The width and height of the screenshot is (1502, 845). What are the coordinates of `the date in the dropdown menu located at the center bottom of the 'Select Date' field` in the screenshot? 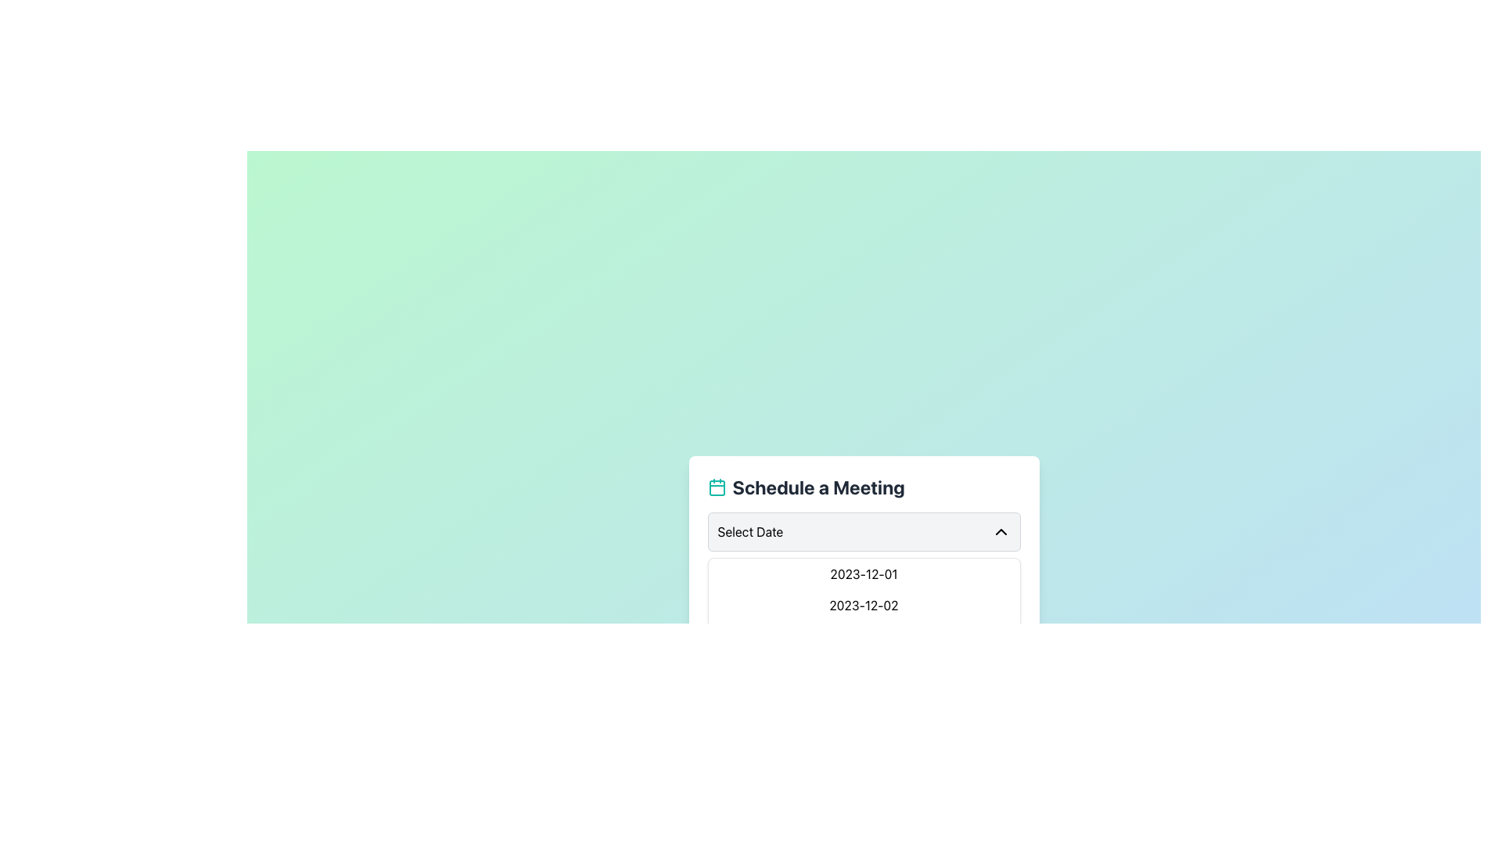 It's located at (863, 605).